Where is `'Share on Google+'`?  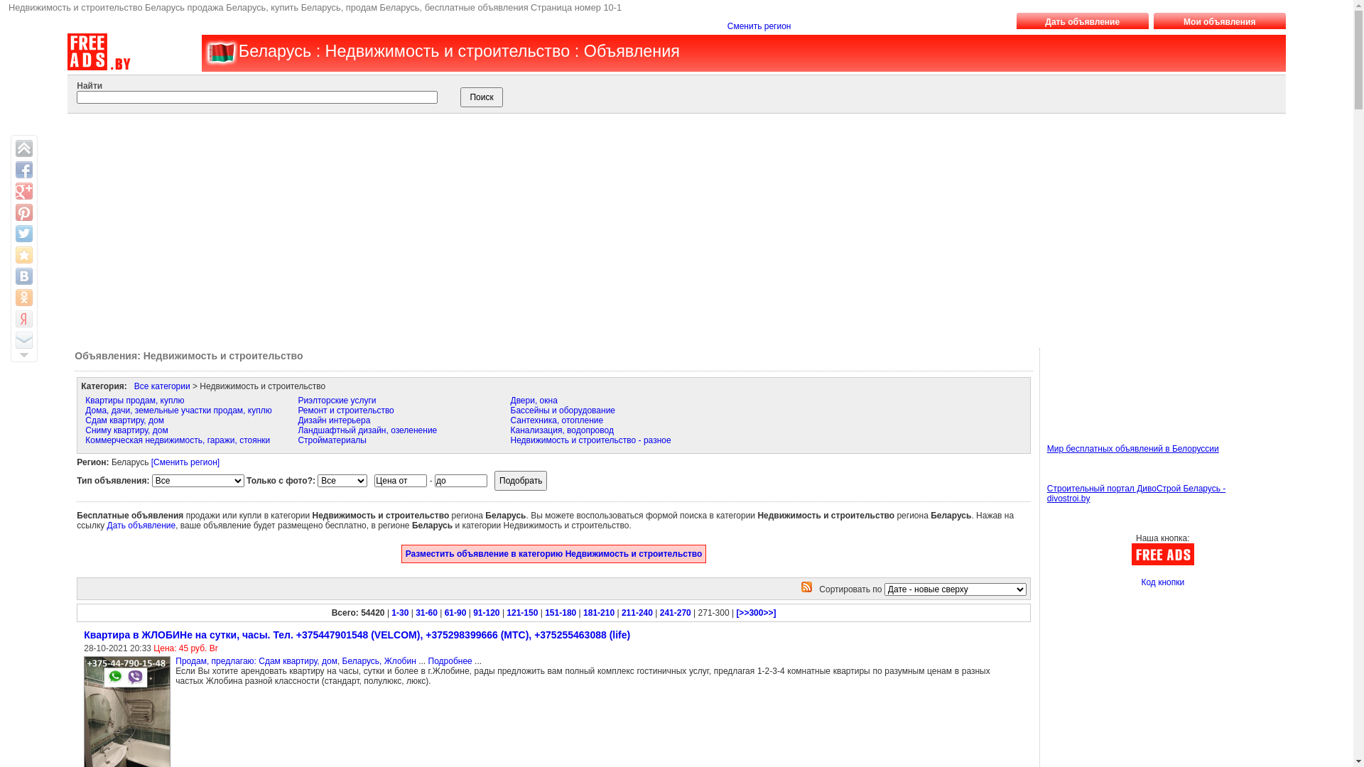 'Share on Google+' is located at coordinates (23, 190).